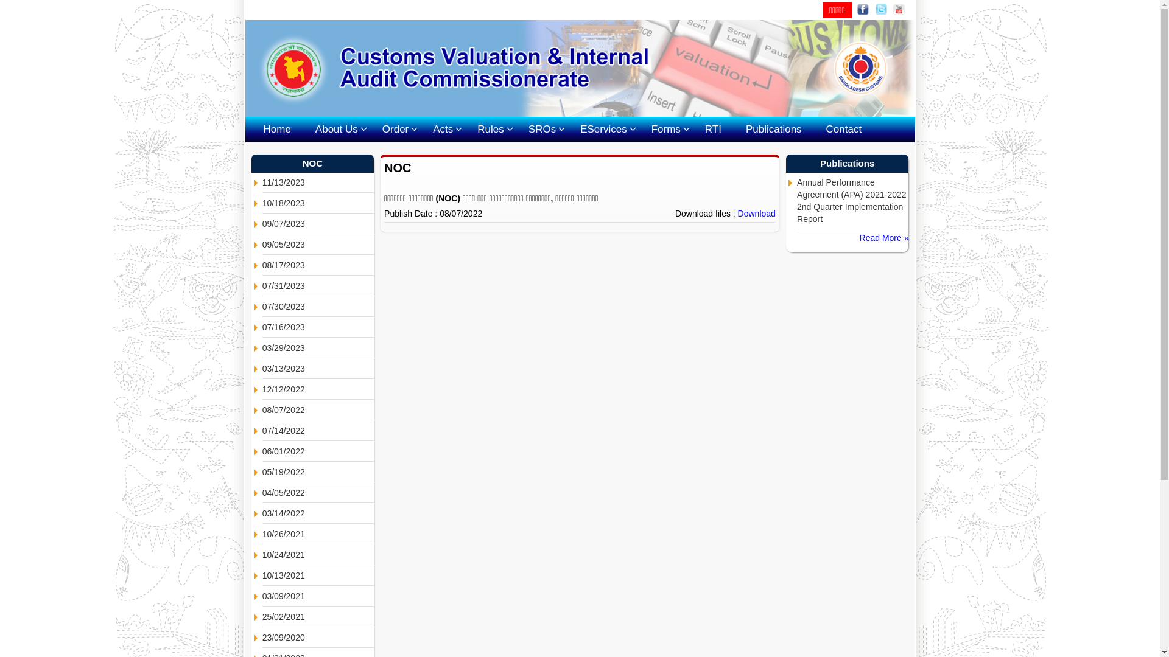 The image size is (1169, 657). I want to click on '07/16/2023', so click(318, 327).